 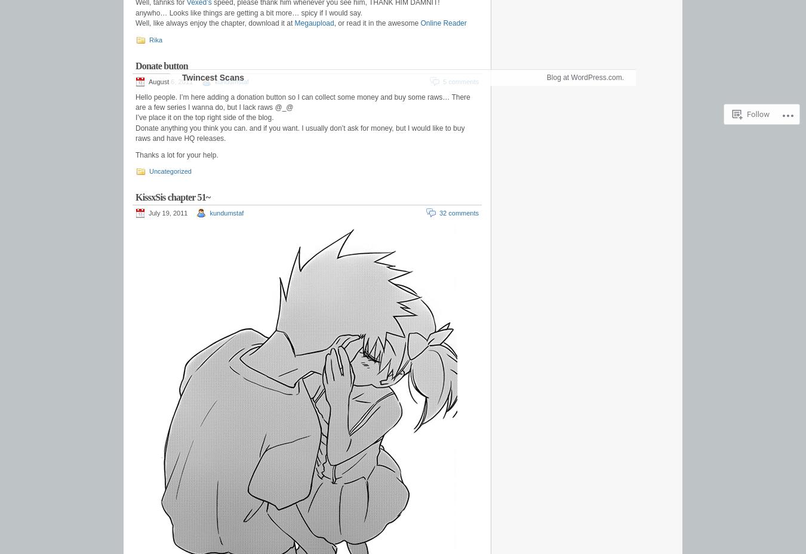 What do you see at coordinates (170, 81) in the screenshot?
I see `'August 6, 2011'` at bounding box center [170, 81].